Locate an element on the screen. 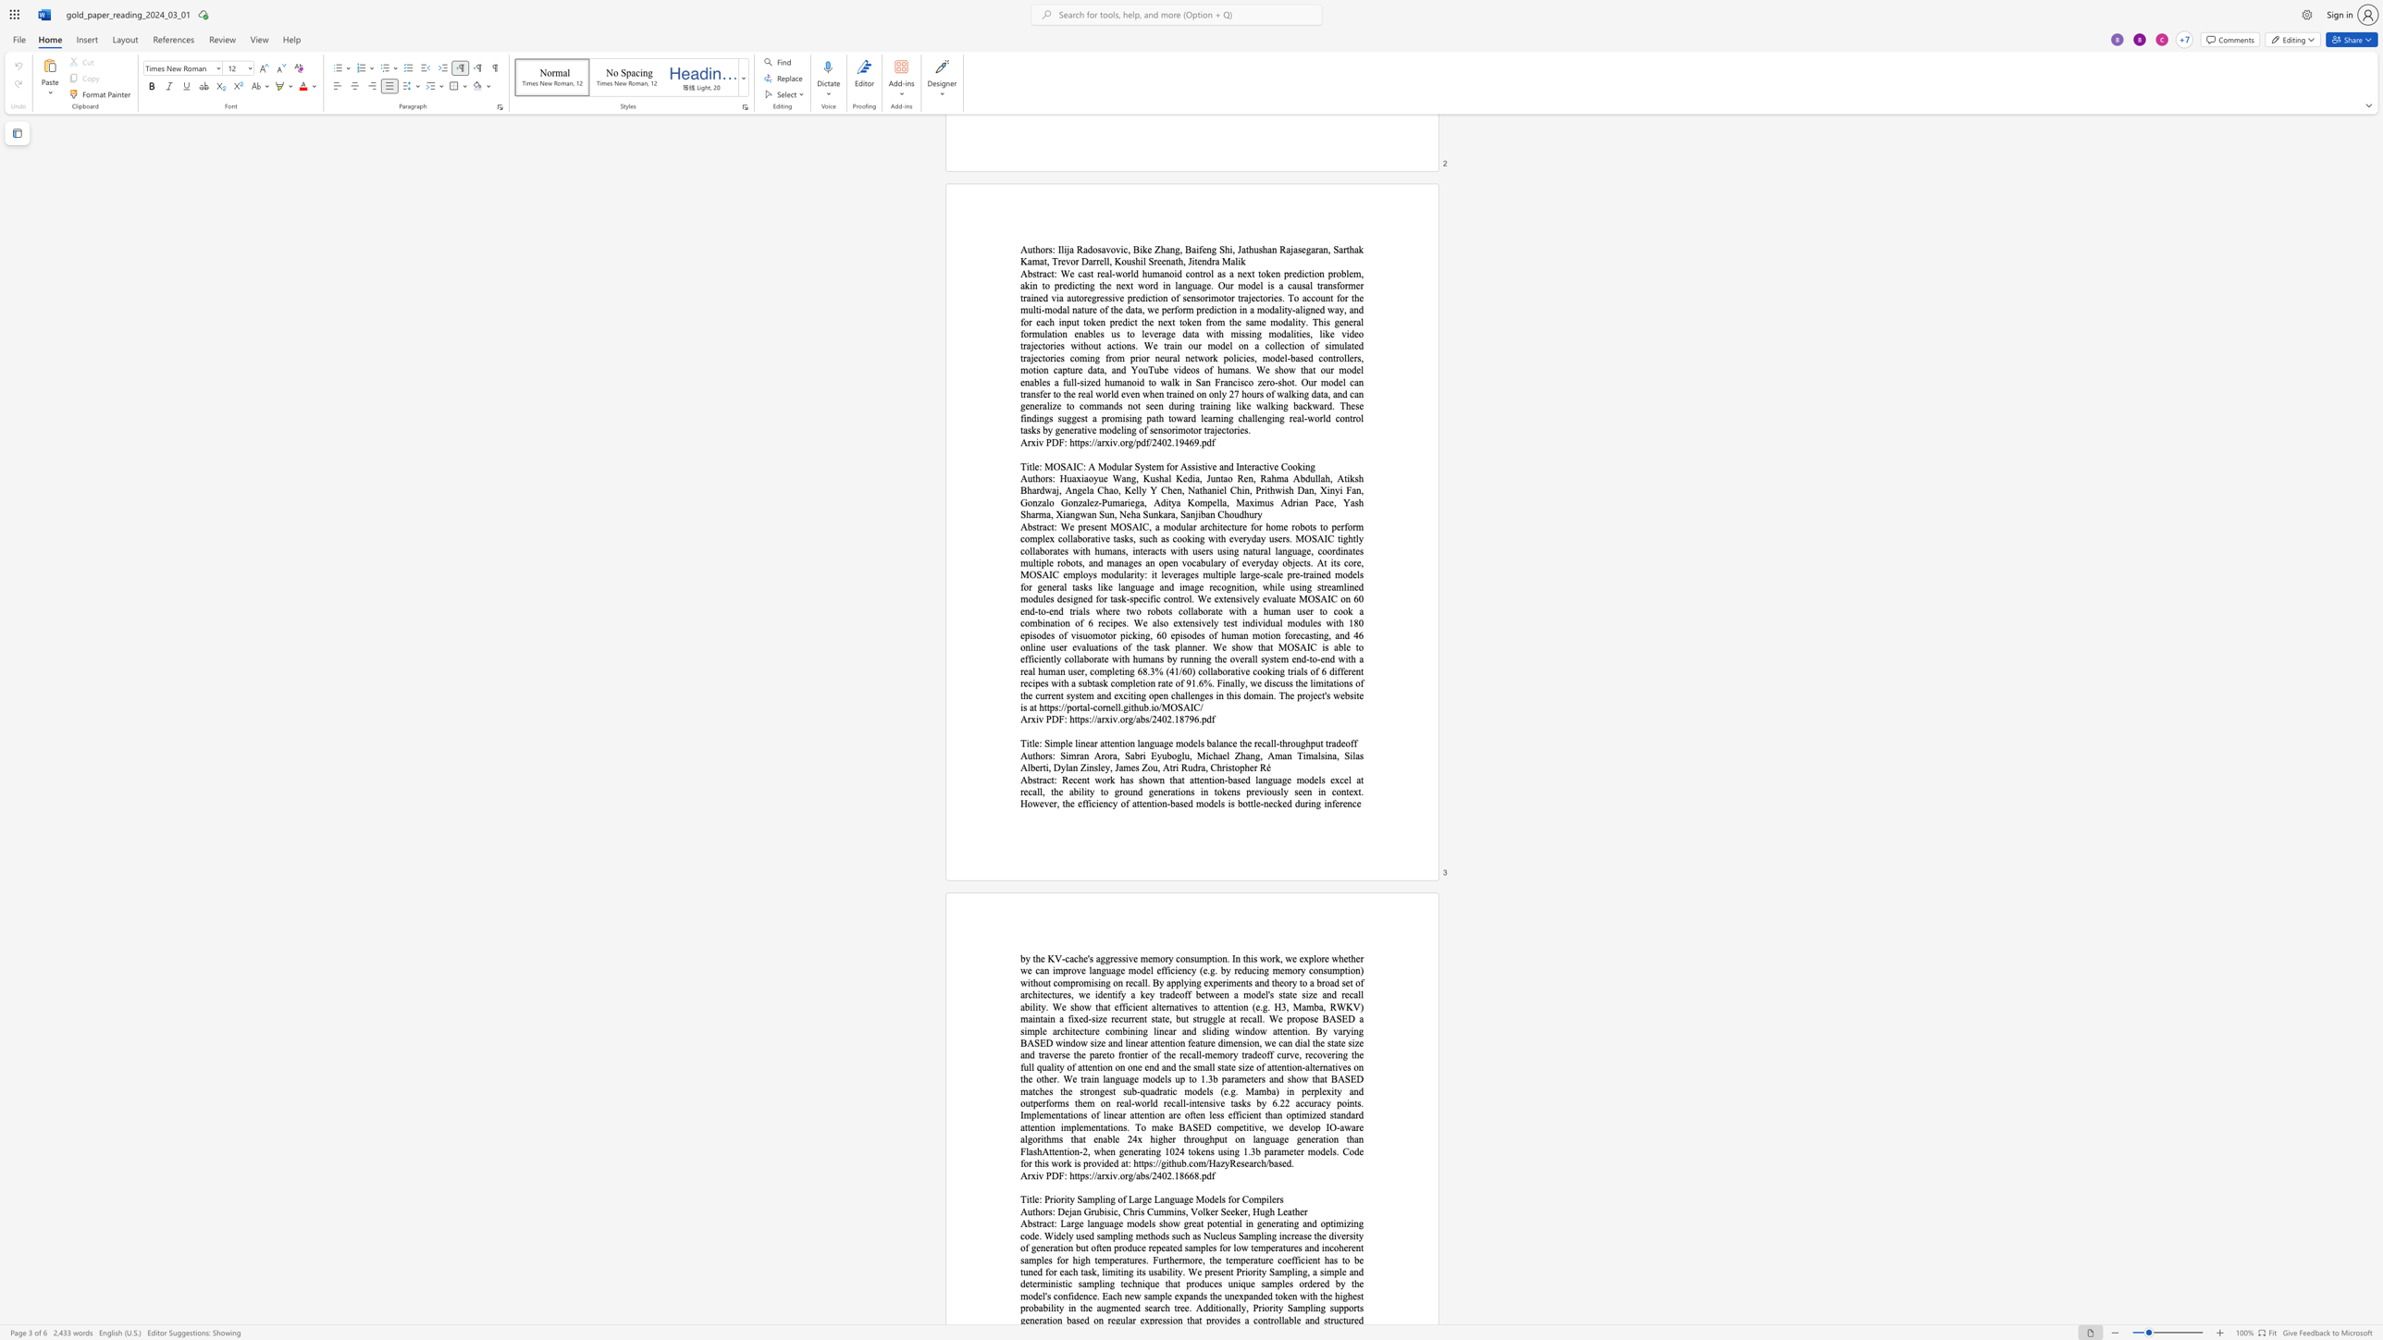 The image size is (2383, 1340). the space between the continuous character "V" and "o" in the text is located at coordinates (1196, 1211).